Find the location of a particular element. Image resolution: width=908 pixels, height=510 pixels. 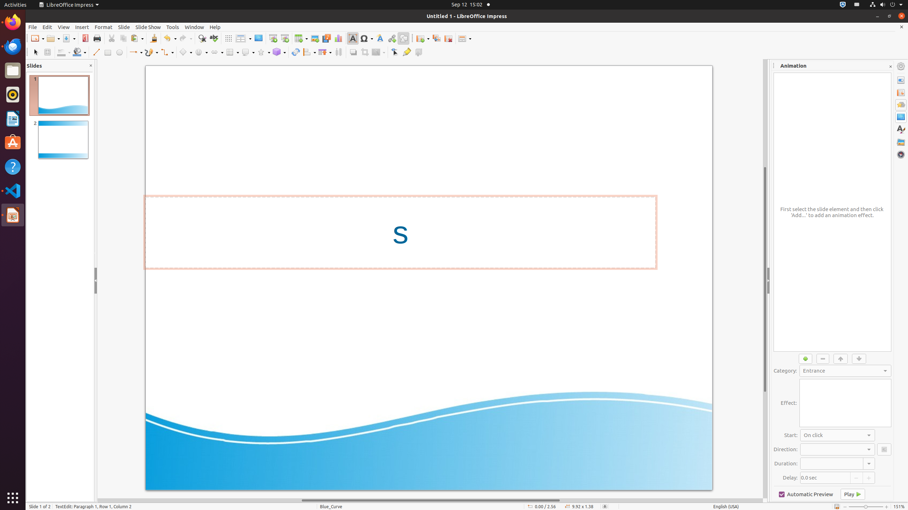

'Basic Shapes' is located at coordinates (185, 52).